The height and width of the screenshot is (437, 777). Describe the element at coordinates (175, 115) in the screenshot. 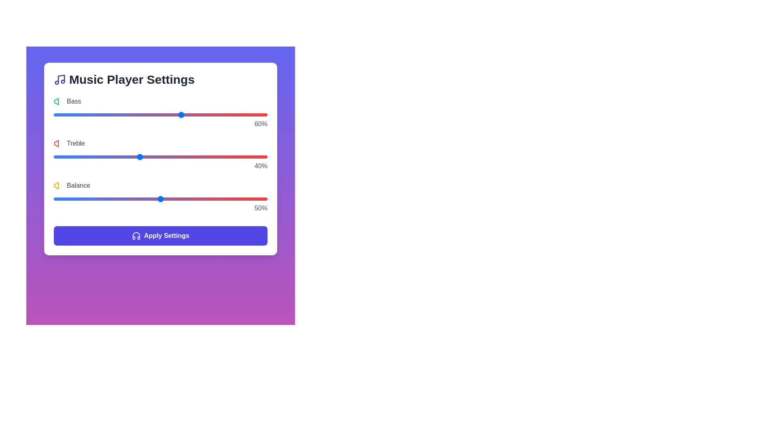

I see `the 0 slider to 57%` at that location.